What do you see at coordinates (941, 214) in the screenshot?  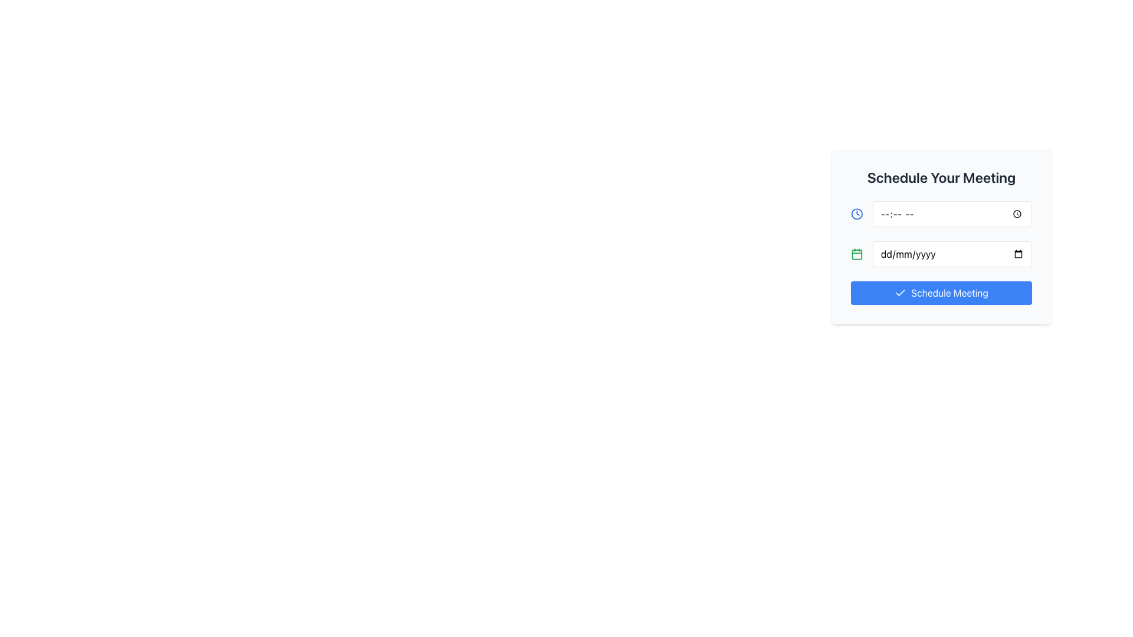 I see `inside the time input field of the scheduling form` at bounding box center [941, 214].